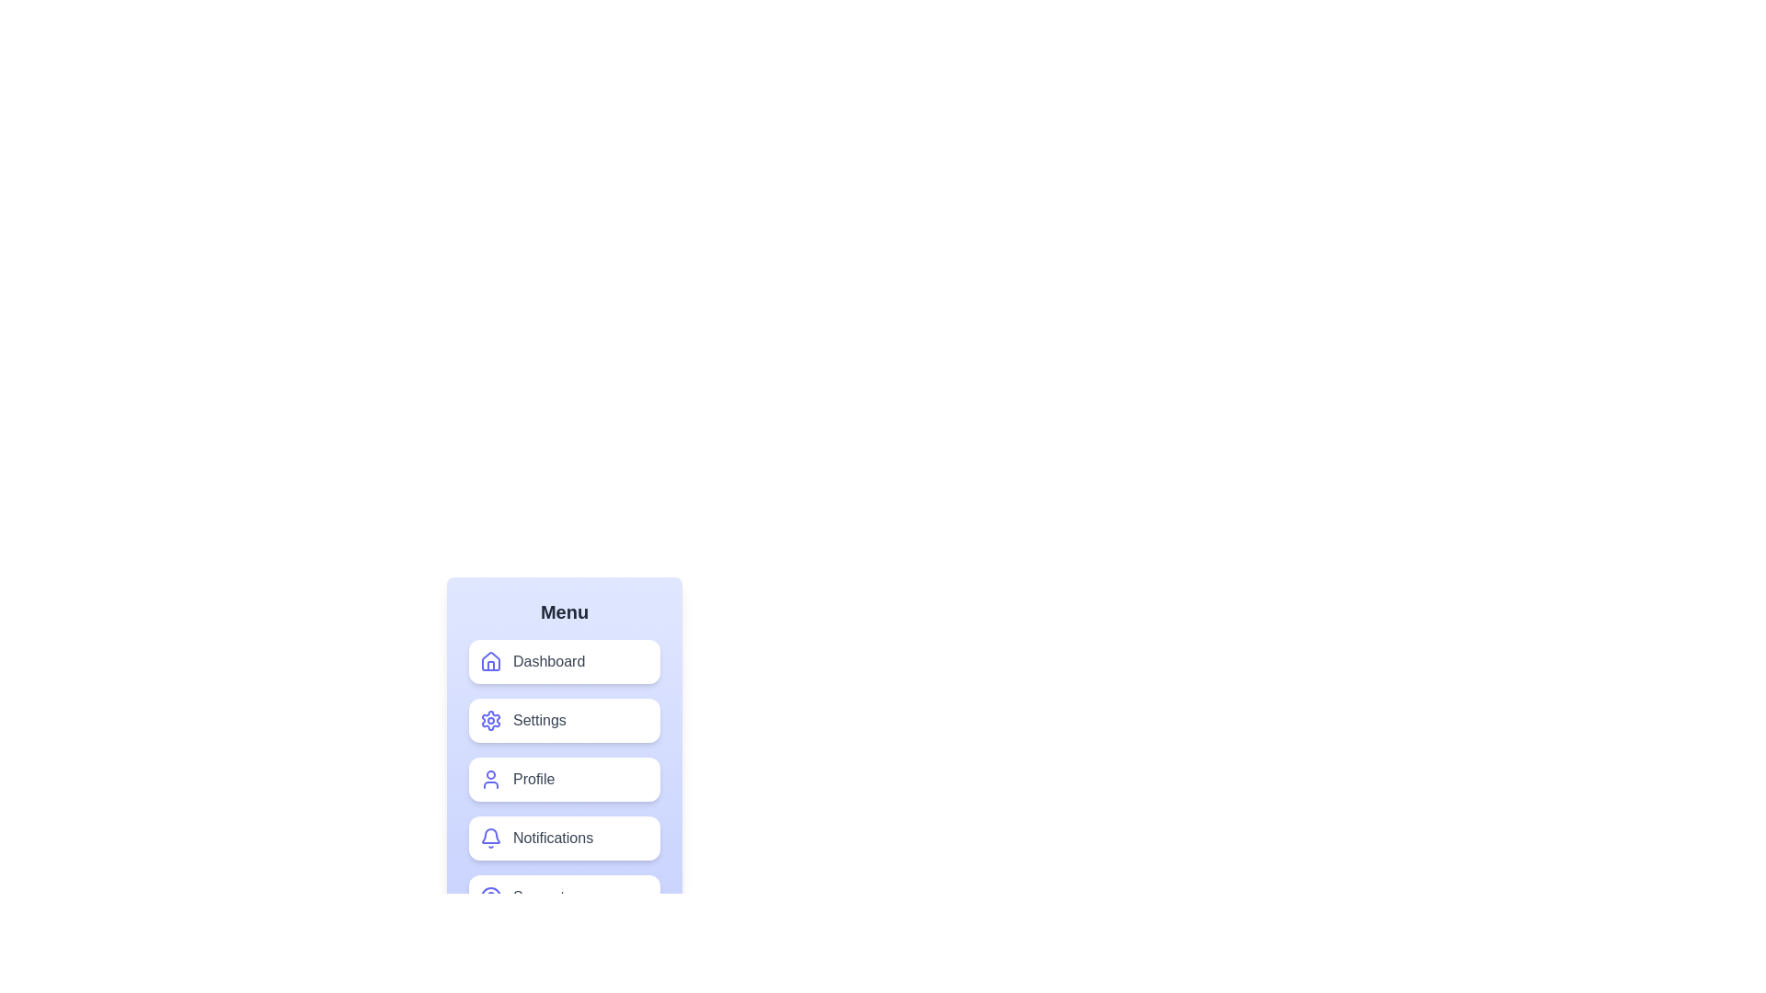 This screenshot has width=1766, height=993. I want to click on the navigation button that redirects to the profile page, so click(564, 759).